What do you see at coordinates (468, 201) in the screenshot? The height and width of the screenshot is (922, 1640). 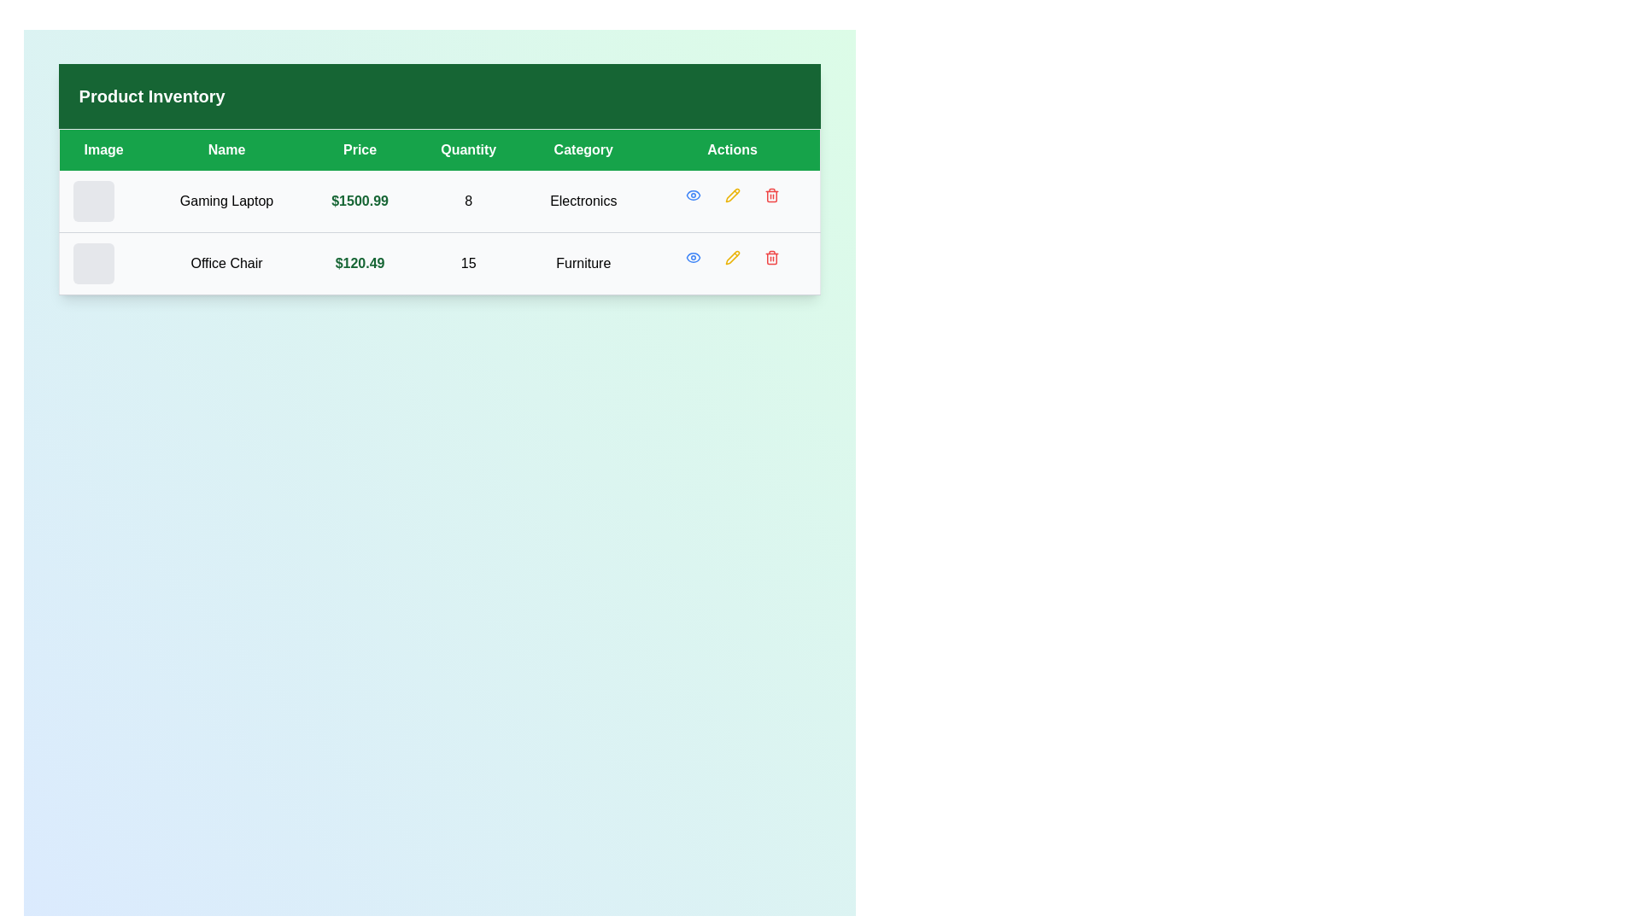 I see `the text label '8' in the fourth column of the first row of the table, which represents the 'Quantity' category for the product 'Gaming Laptop'` at bounding box center [468, 201].